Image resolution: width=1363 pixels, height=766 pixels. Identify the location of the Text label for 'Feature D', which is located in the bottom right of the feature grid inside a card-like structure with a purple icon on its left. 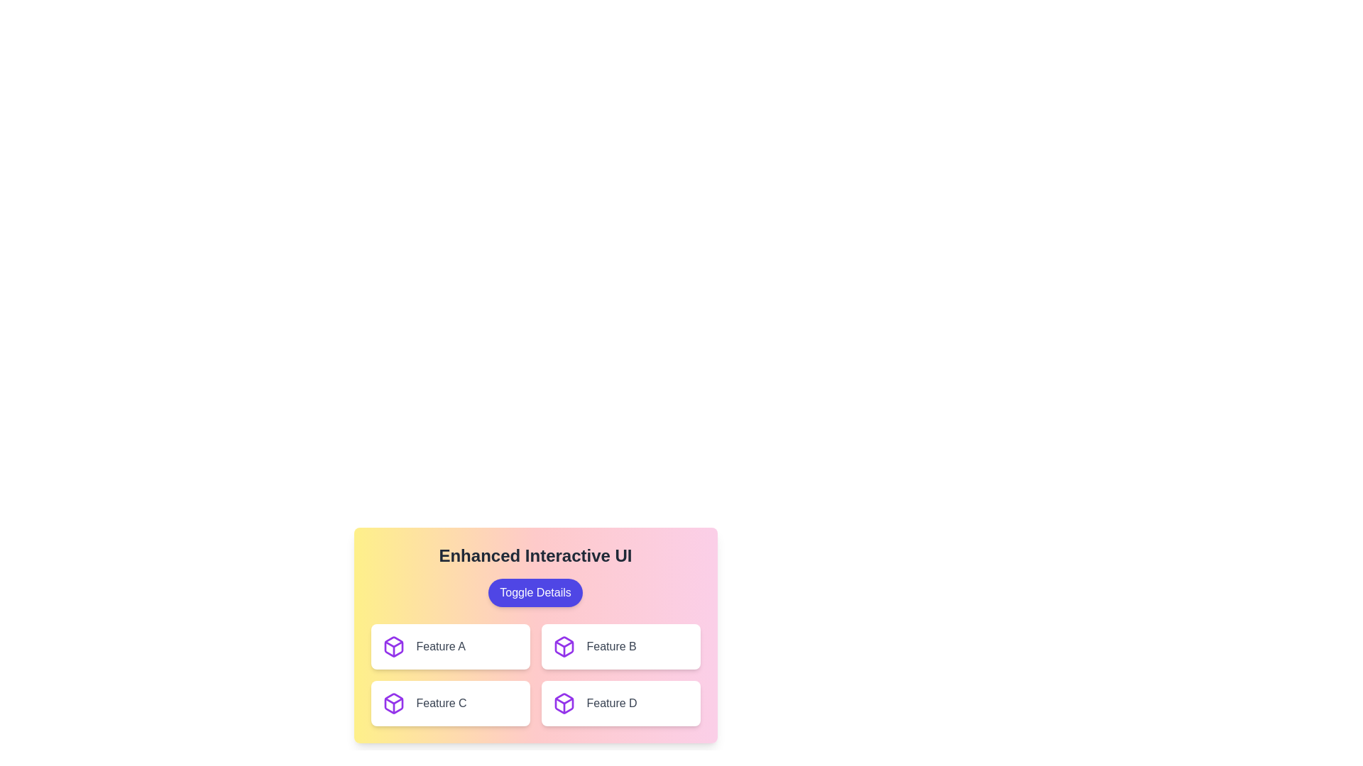
(612, 703).